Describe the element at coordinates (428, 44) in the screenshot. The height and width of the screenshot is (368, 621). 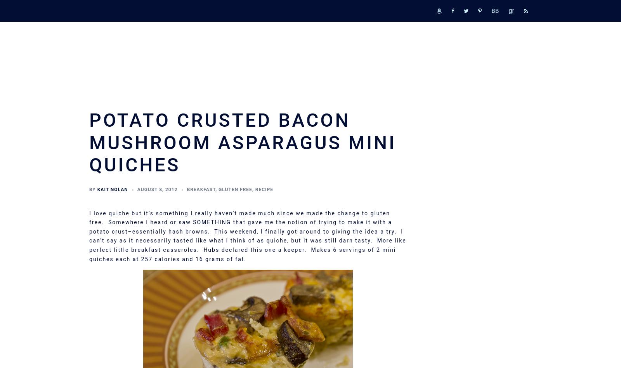
I see `'Merch'` at that location.